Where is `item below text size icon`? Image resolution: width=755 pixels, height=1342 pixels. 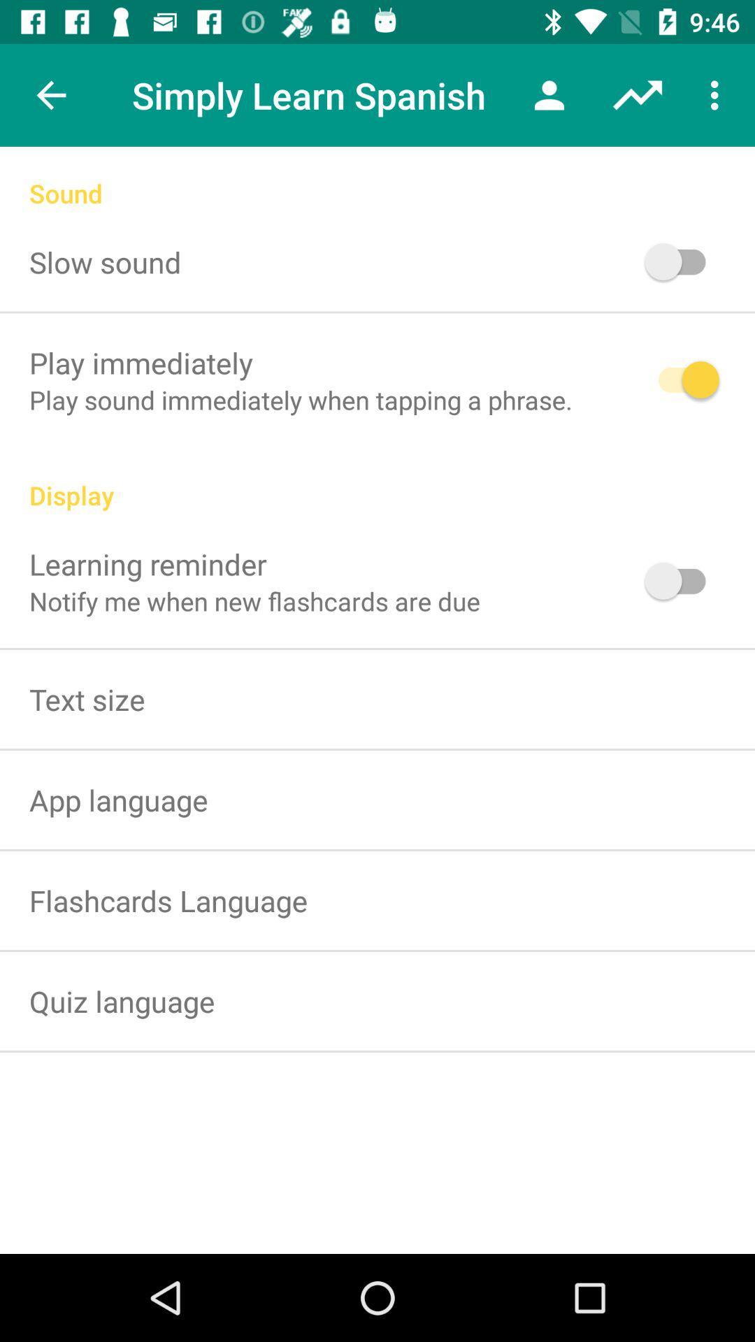
item below text size icon is located at coordinates (117, 800).